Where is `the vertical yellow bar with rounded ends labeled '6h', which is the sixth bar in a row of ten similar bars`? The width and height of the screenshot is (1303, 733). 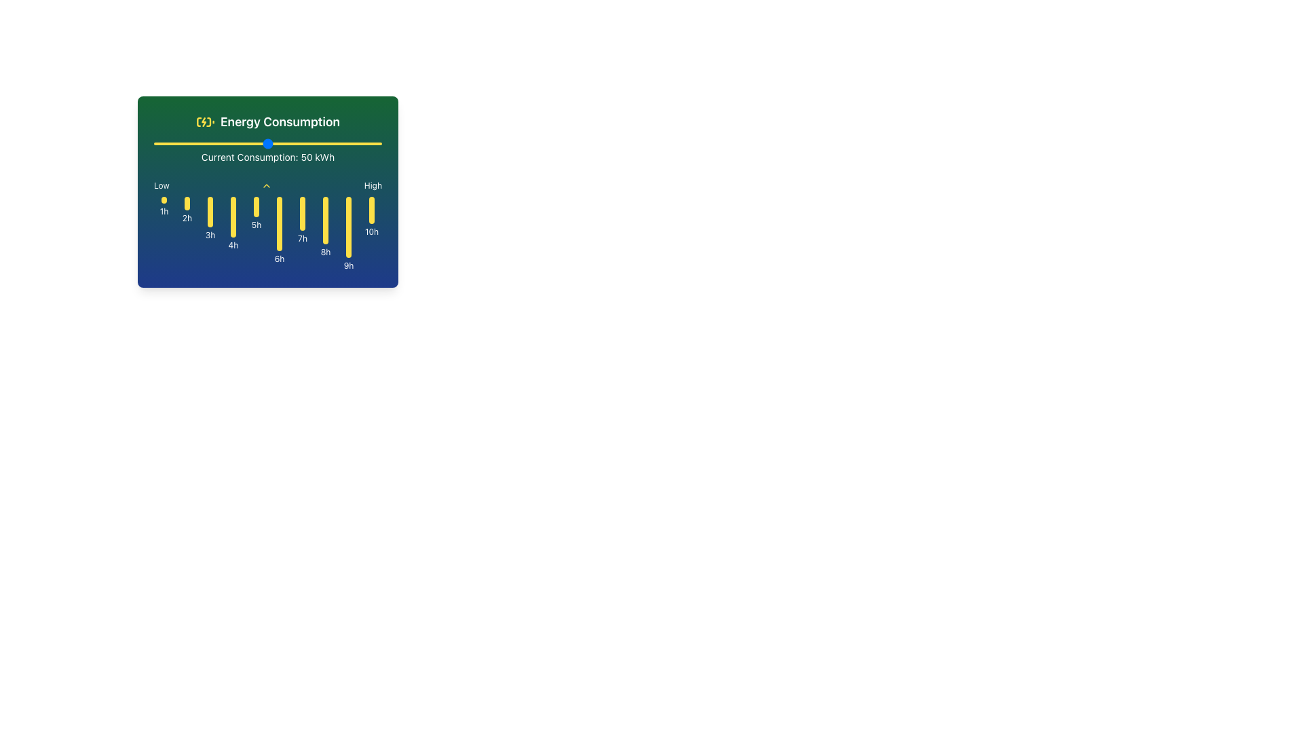
the vertical yellow bar with rounded ends labeled '6h', which is the sixth bar in a row of ten similar bars is located at coordinates (279, 233).